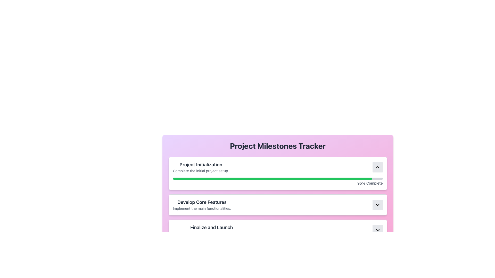  I want to click on the text label that serves as the title or heading for the task or milestone, located at the top-left of the card, so click(201, 165).